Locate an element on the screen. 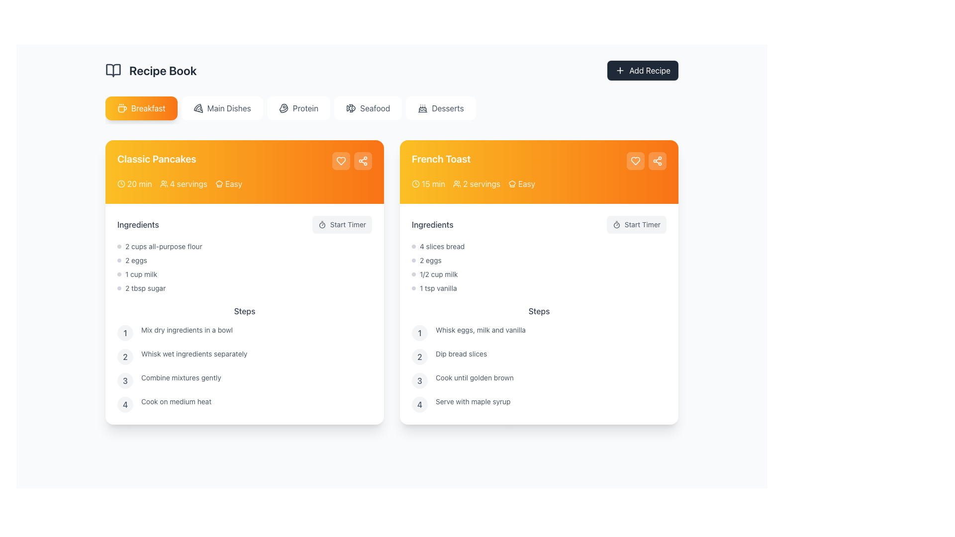 The height and width of the screenshot is (537, 955). the step number label located at the bottom right of the 'Steps' section within the 'French Toast' card, which represents the fourth step in the ordered steps list is located at coordinates (420, 404).